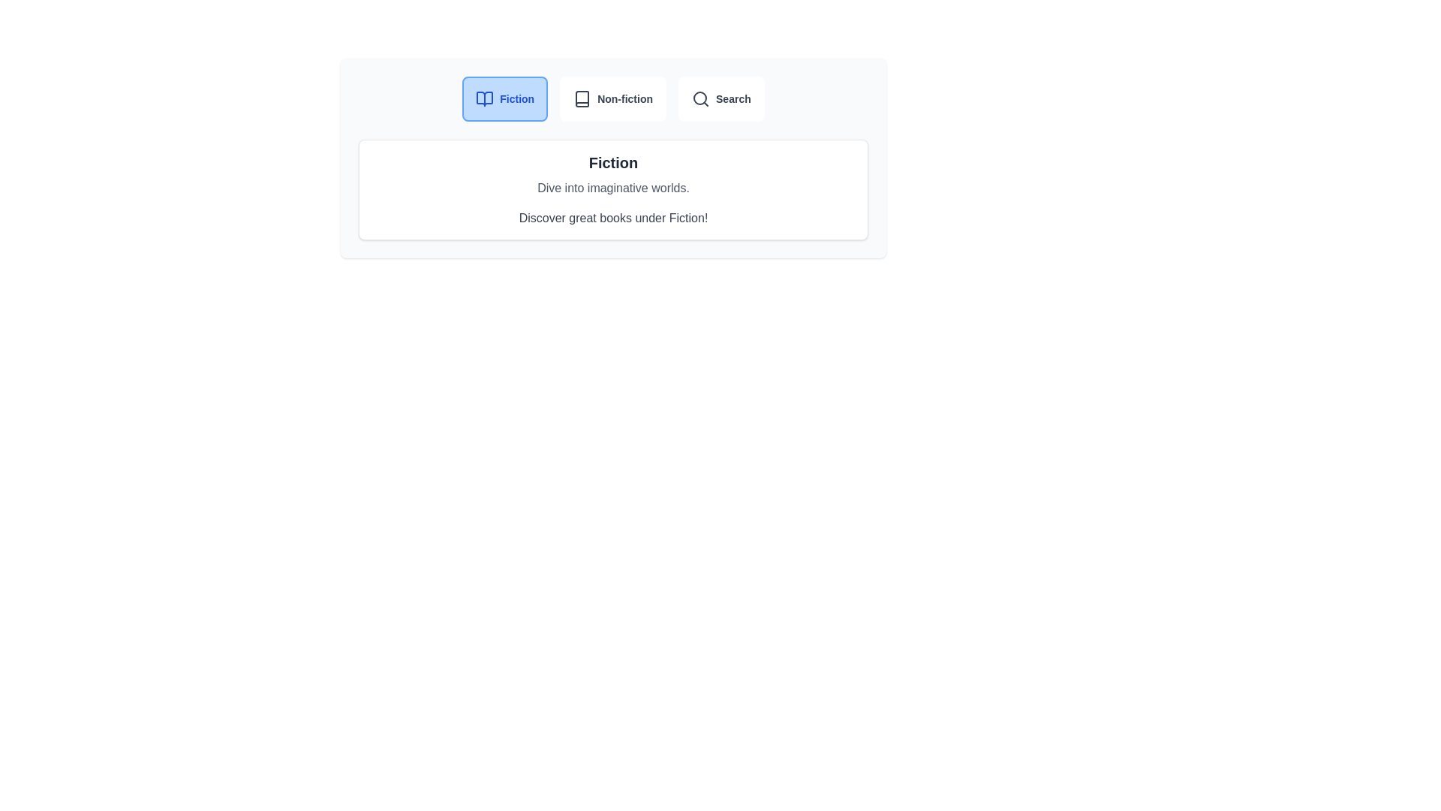  I want to click on the 'Non-fiction' button, which is a rectangular button with rounded corners featuring a book icon and gray text, so click(613, 98).